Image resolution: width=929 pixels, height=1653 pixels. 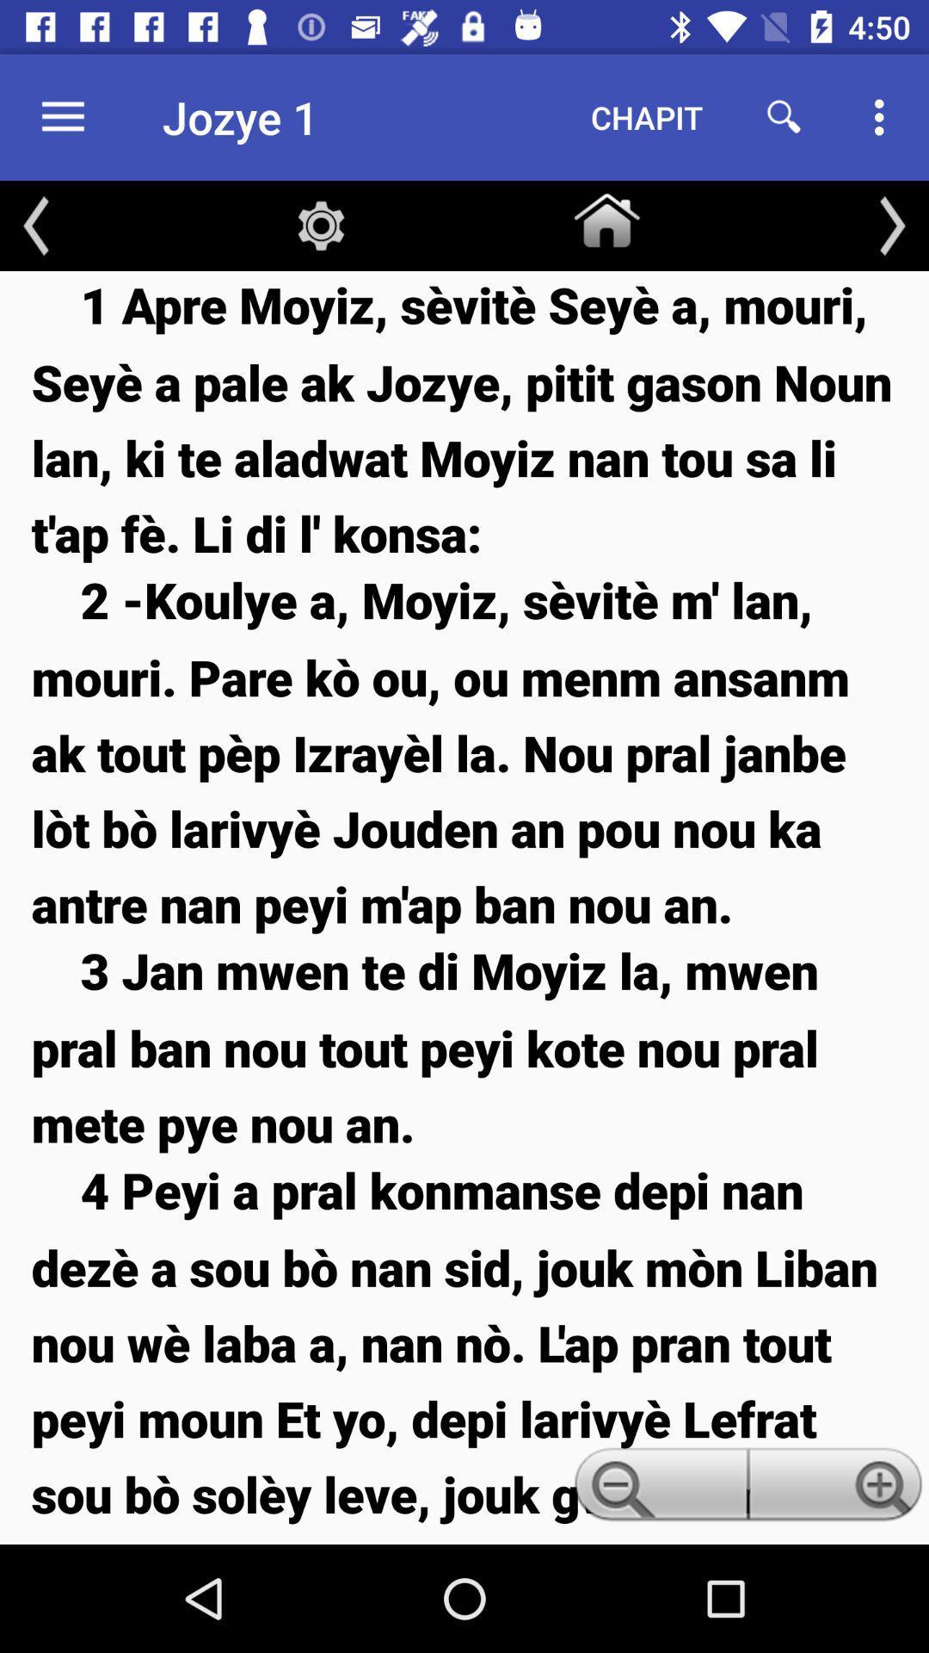 What do you see at coordinates (464, 752) in the screenshot?
I see `the icon above the 3 jan mwen` at bounding box center [464, 752].